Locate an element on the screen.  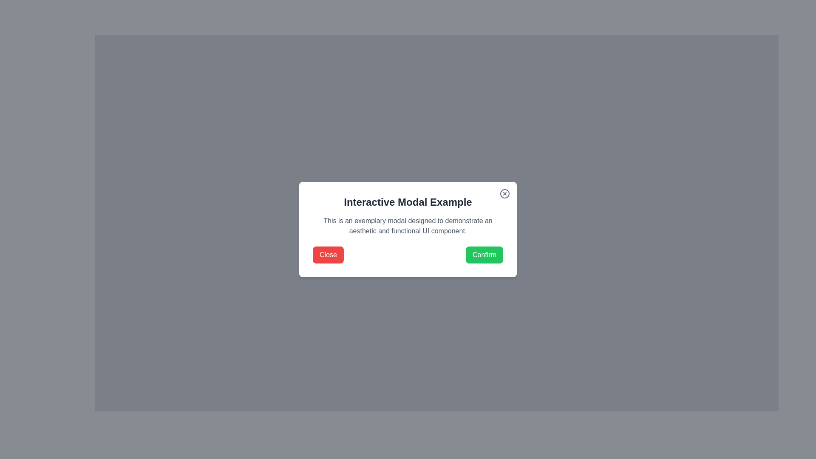
the 'Confirm' button located in the bottom-right corner of the modal for keyboard interaction is located at coordinates (484, 255).